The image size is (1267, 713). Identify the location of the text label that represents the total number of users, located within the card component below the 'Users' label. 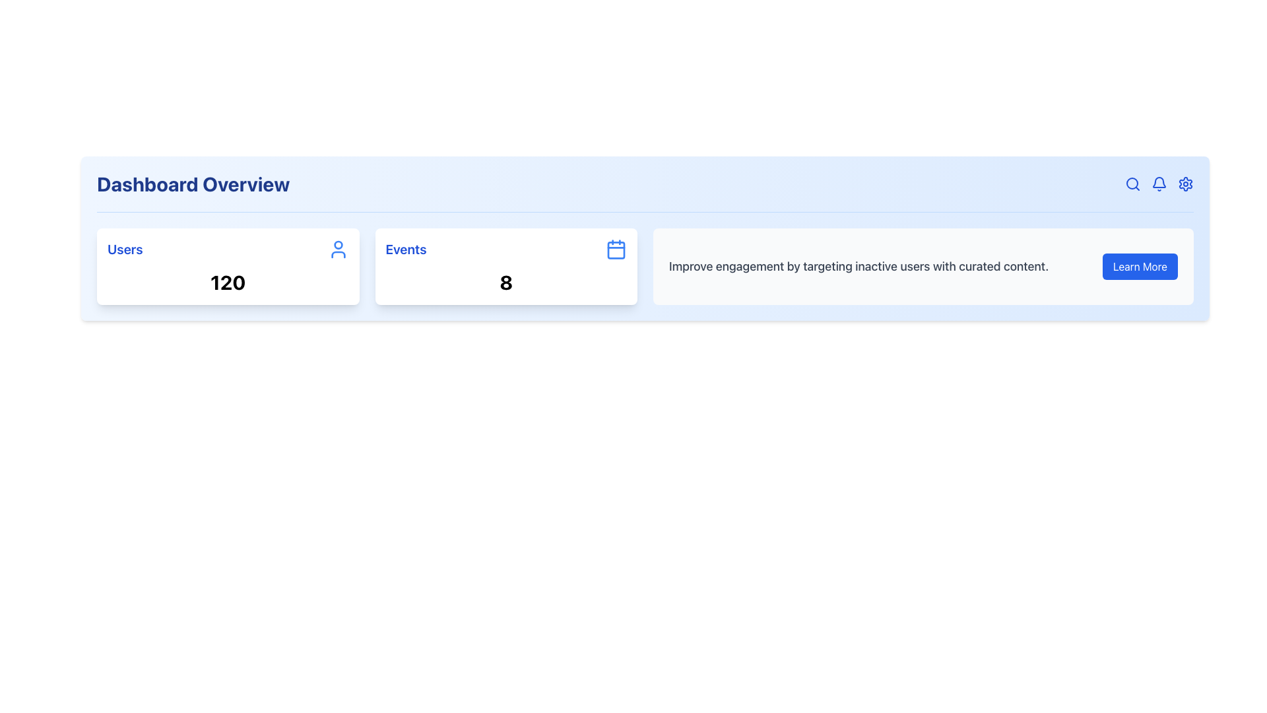
(228, 282).